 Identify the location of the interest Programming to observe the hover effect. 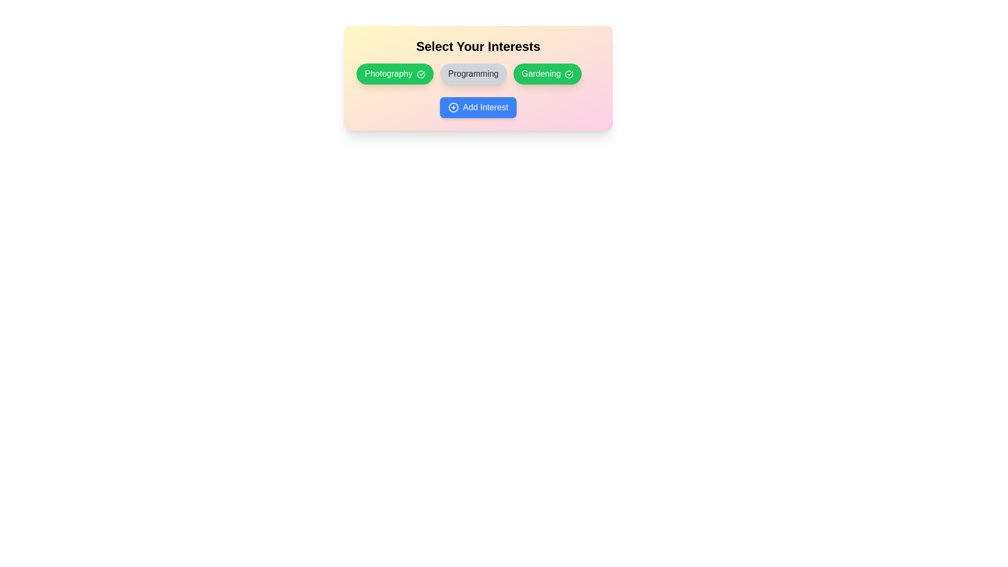
(472, 73).